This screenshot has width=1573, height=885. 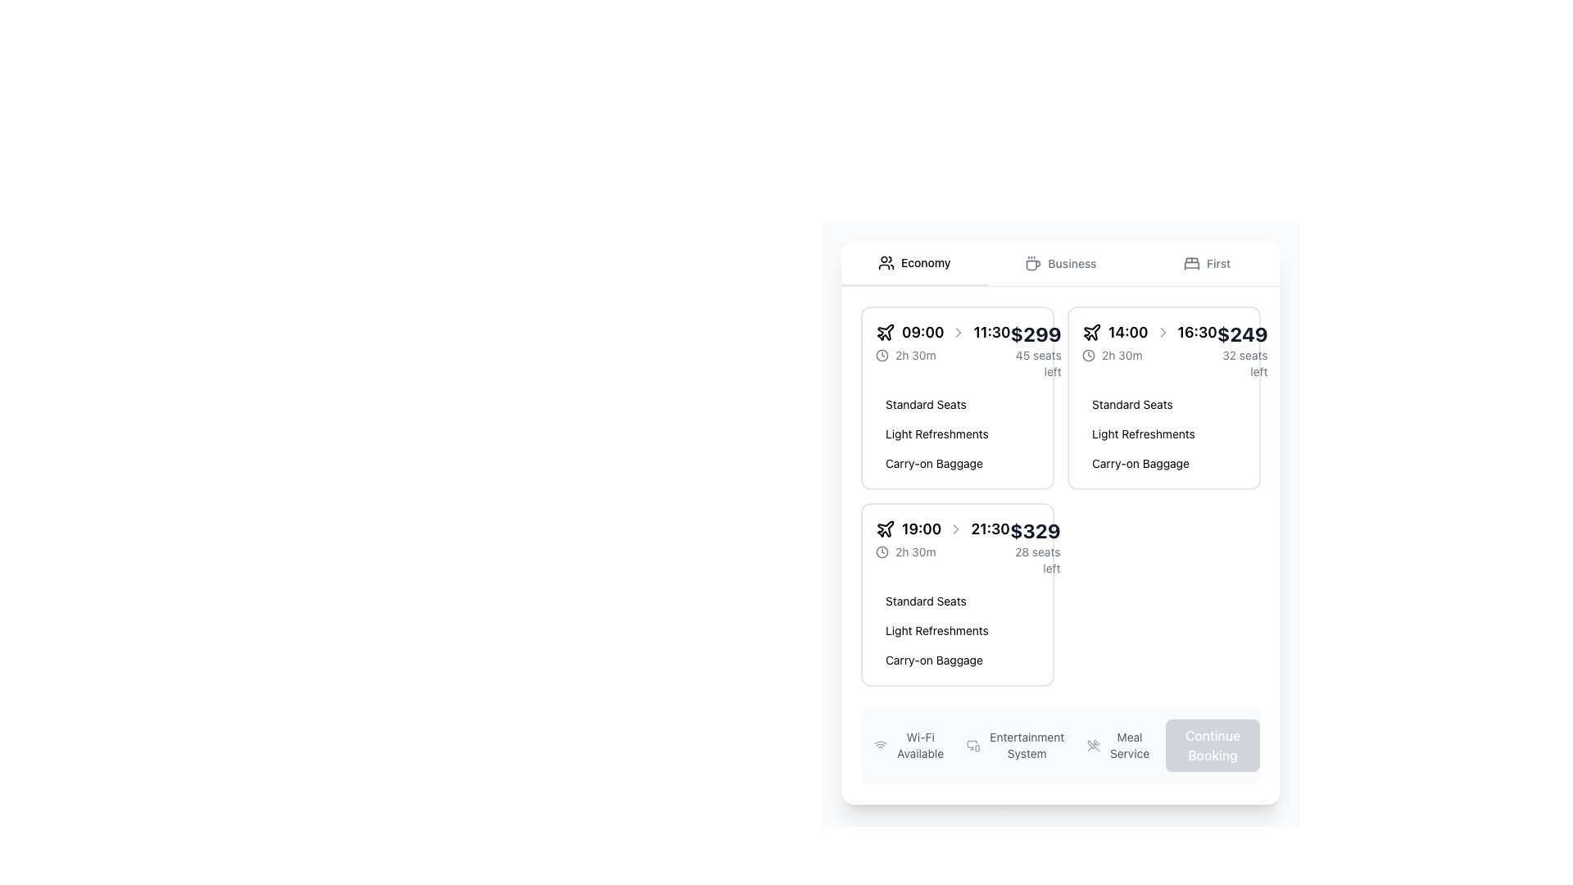 What do you see at coordinates (1026, 746) in the screenshot?
I see `the Static Text label for the 'Entertainment System' feature, located below the main content area and aligned with icons like 'Wi-Fi Available' and 'Meal Service'` at bounding box center [1026, 746].